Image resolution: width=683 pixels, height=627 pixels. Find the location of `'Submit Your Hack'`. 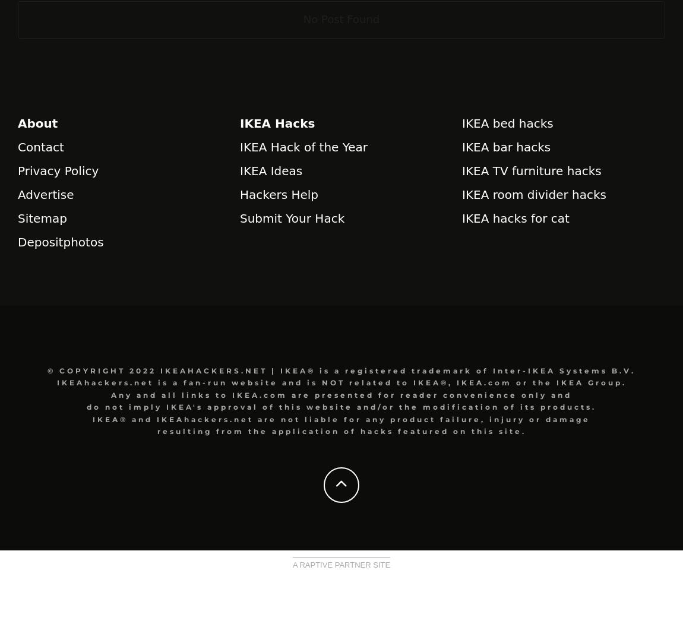

'Submit Your Hack' is located at coordinates (292, 217).